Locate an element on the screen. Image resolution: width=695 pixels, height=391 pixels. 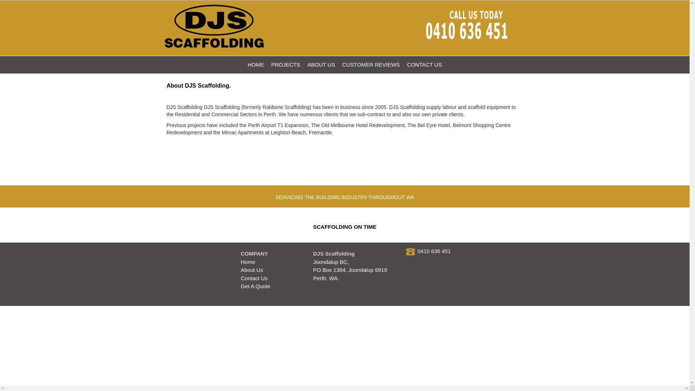
'Contact Us' is located at coordinates (254, 278).